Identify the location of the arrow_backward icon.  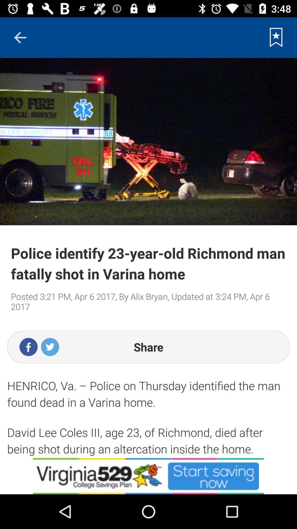
(20, 37).